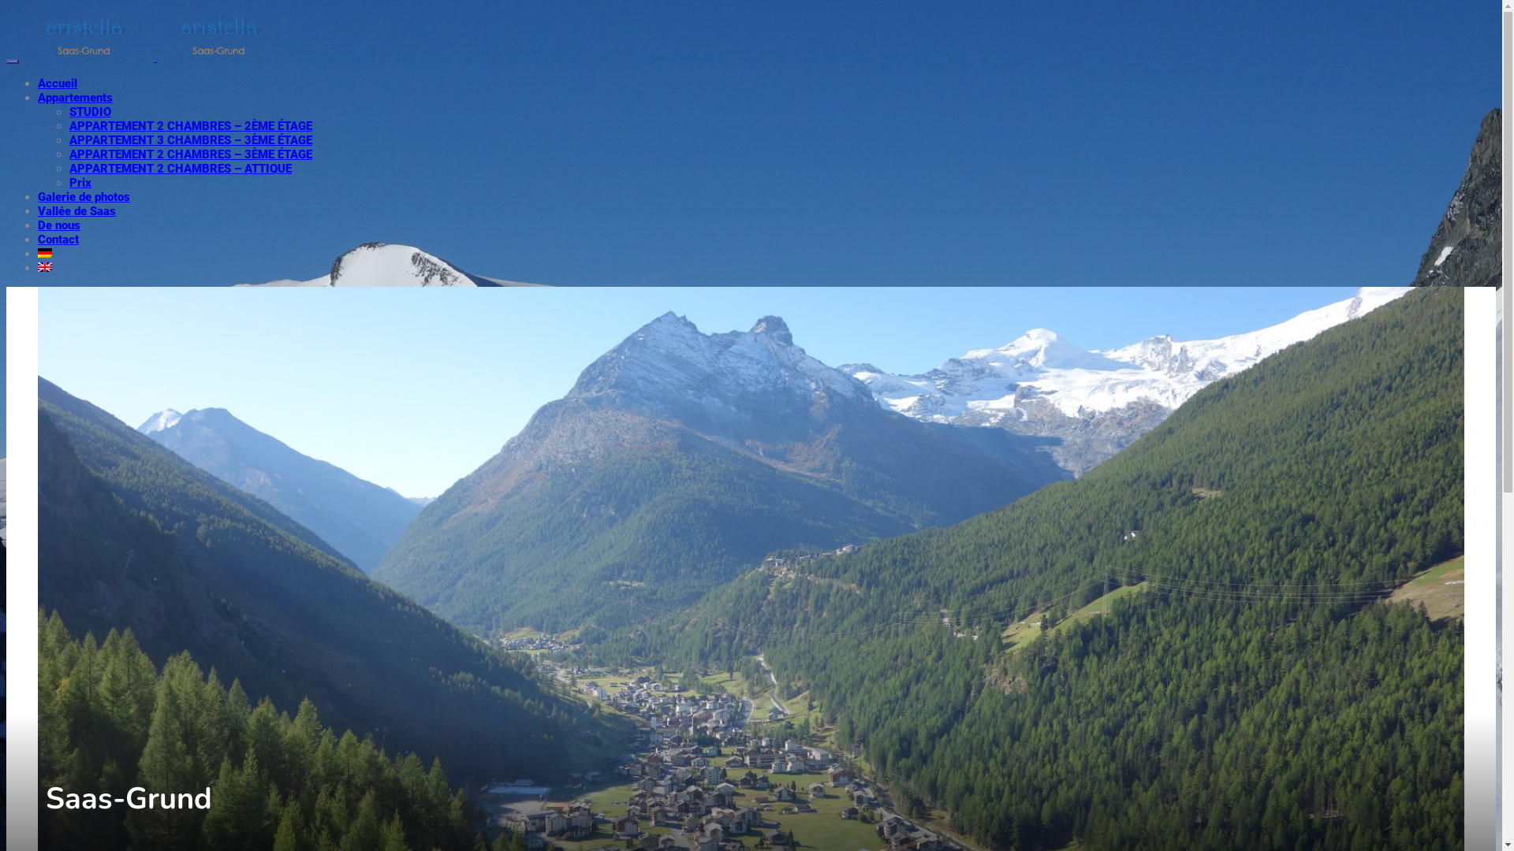  Describe the element at coordinates (38, 83) in the screenshot. I see `'Accueil'` at that location.